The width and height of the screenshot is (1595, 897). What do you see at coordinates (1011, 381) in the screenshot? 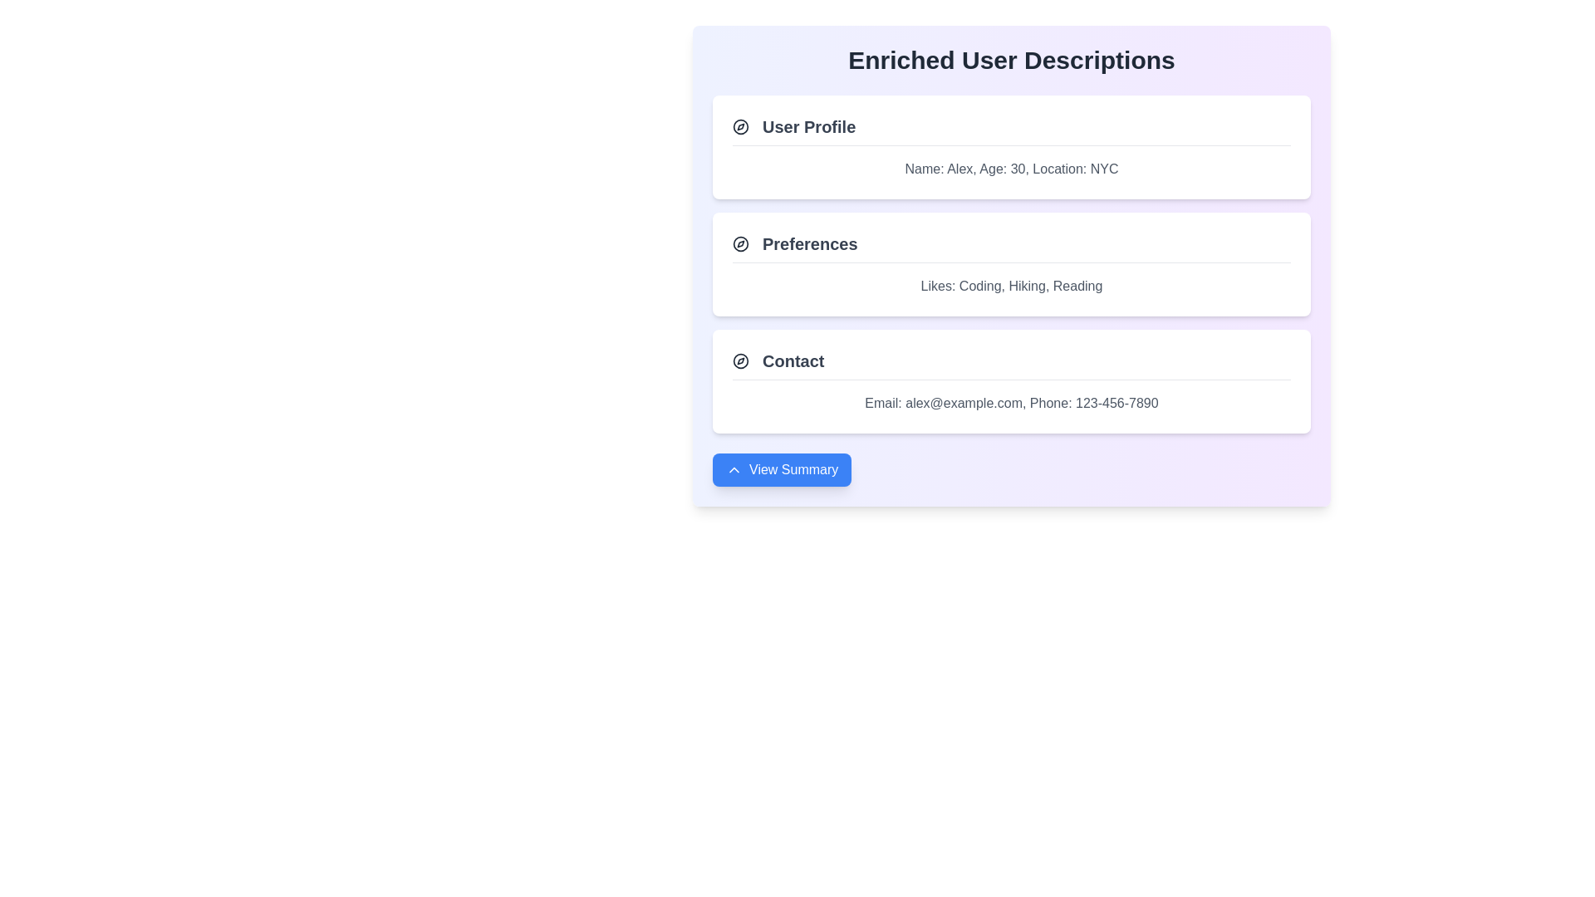
I see `icon contained in the third card of the user profile system, which displays contact information such as an email address and a phone number` at bounding box center [1011, 381].